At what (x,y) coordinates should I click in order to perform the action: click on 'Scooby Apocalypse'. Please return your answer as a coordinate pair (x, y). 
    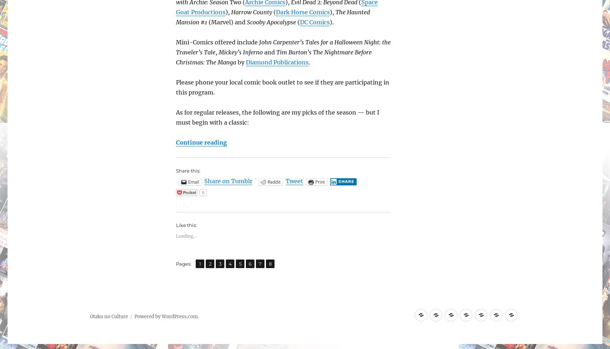
    Looking at the image, I should click on (271, 22).